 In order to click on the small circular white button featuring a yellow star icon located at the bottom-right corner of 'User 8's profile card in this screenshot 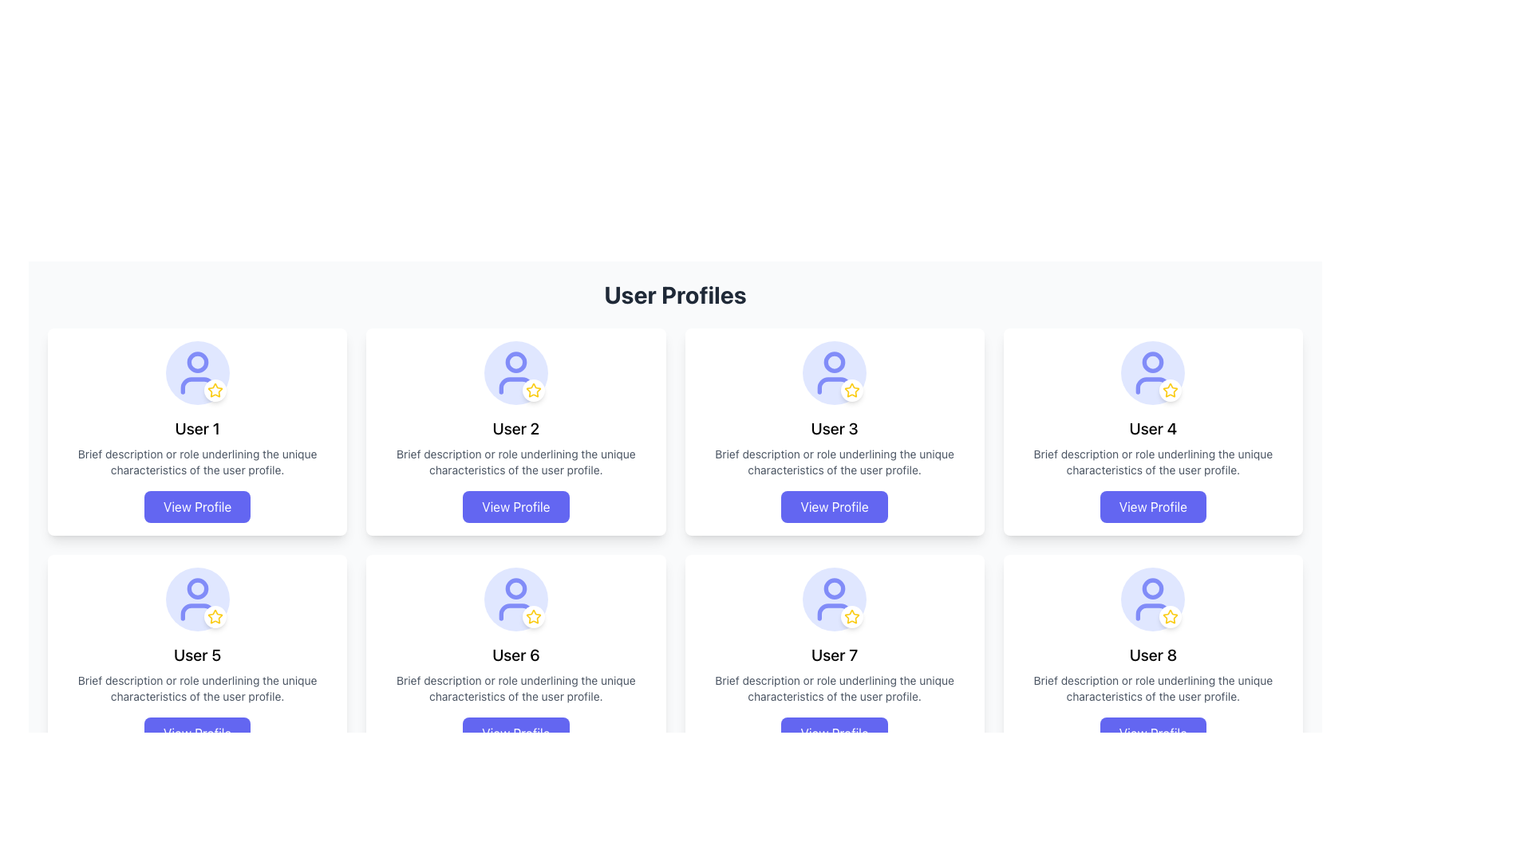, I will do `click(1171, 616)`.